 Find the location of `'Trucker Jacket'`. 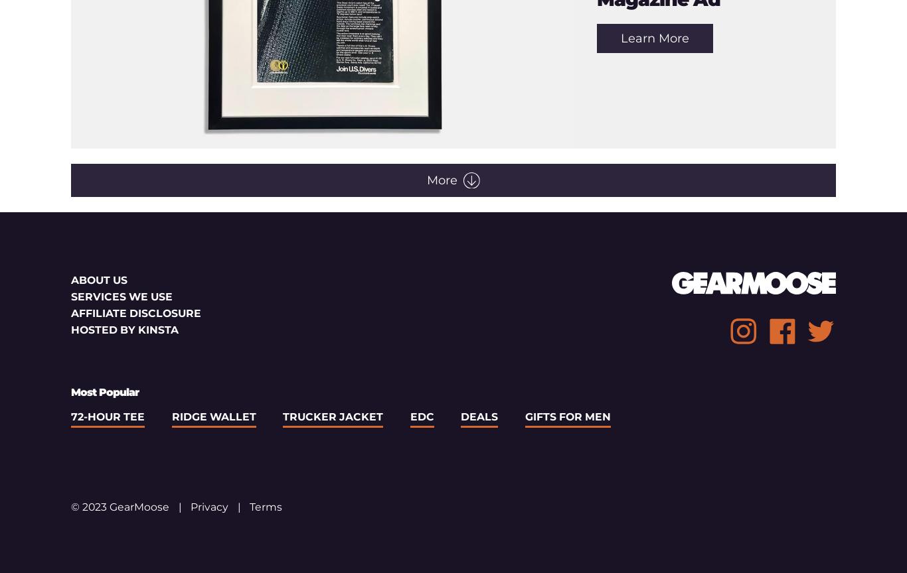

'Trucker Jacket' is located at coordinates (333, 416).